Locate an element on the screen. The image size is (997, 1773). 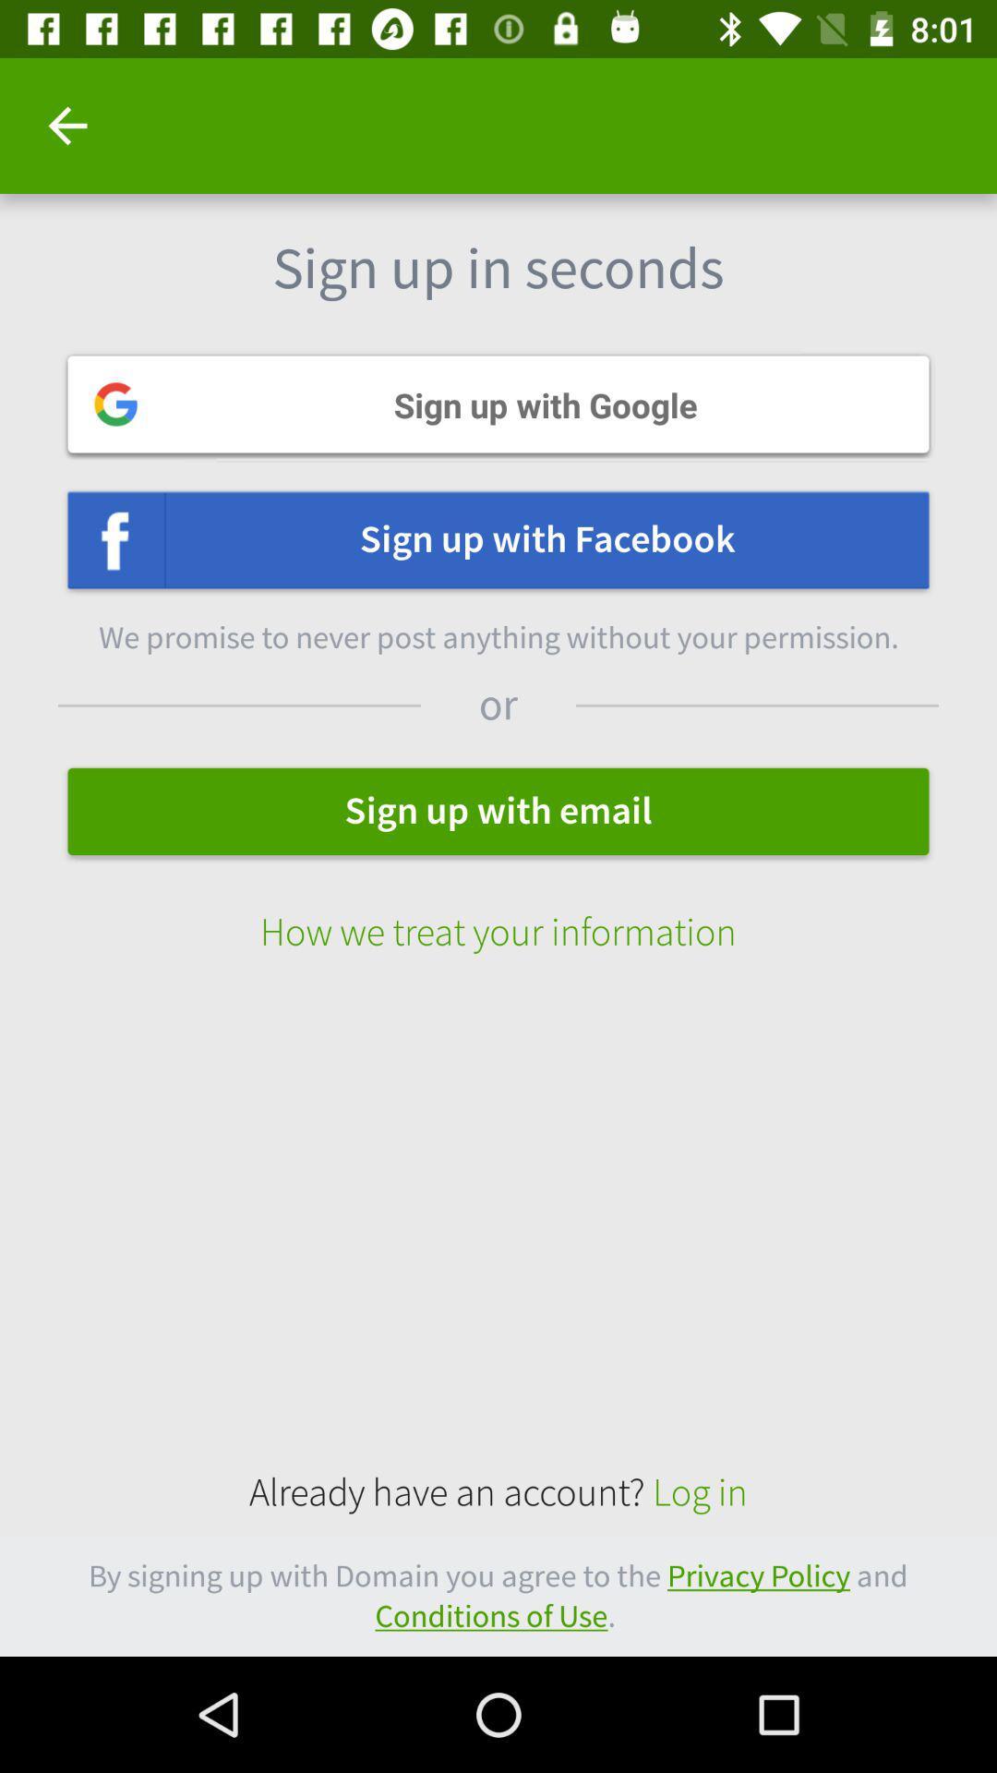
already have an item is located at coordinates (498, 1493).